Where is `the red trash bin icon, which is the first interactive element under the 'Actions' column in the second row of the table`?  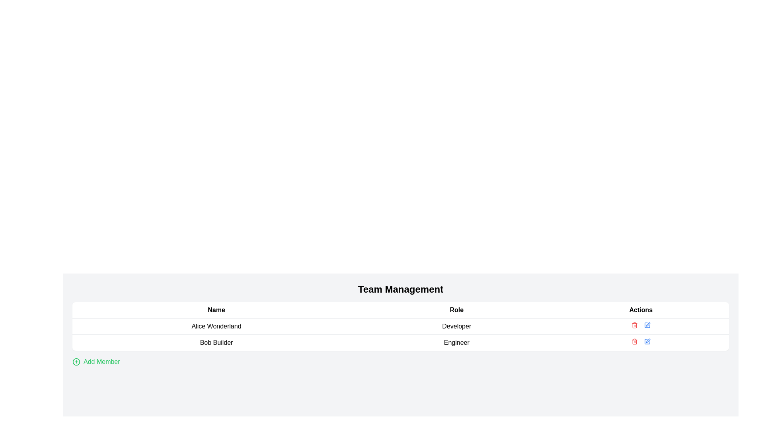 the red trash bin icon, which is the first interactive element under the 'Actions' column in the second row of the table is located at coordinates (634, 341).